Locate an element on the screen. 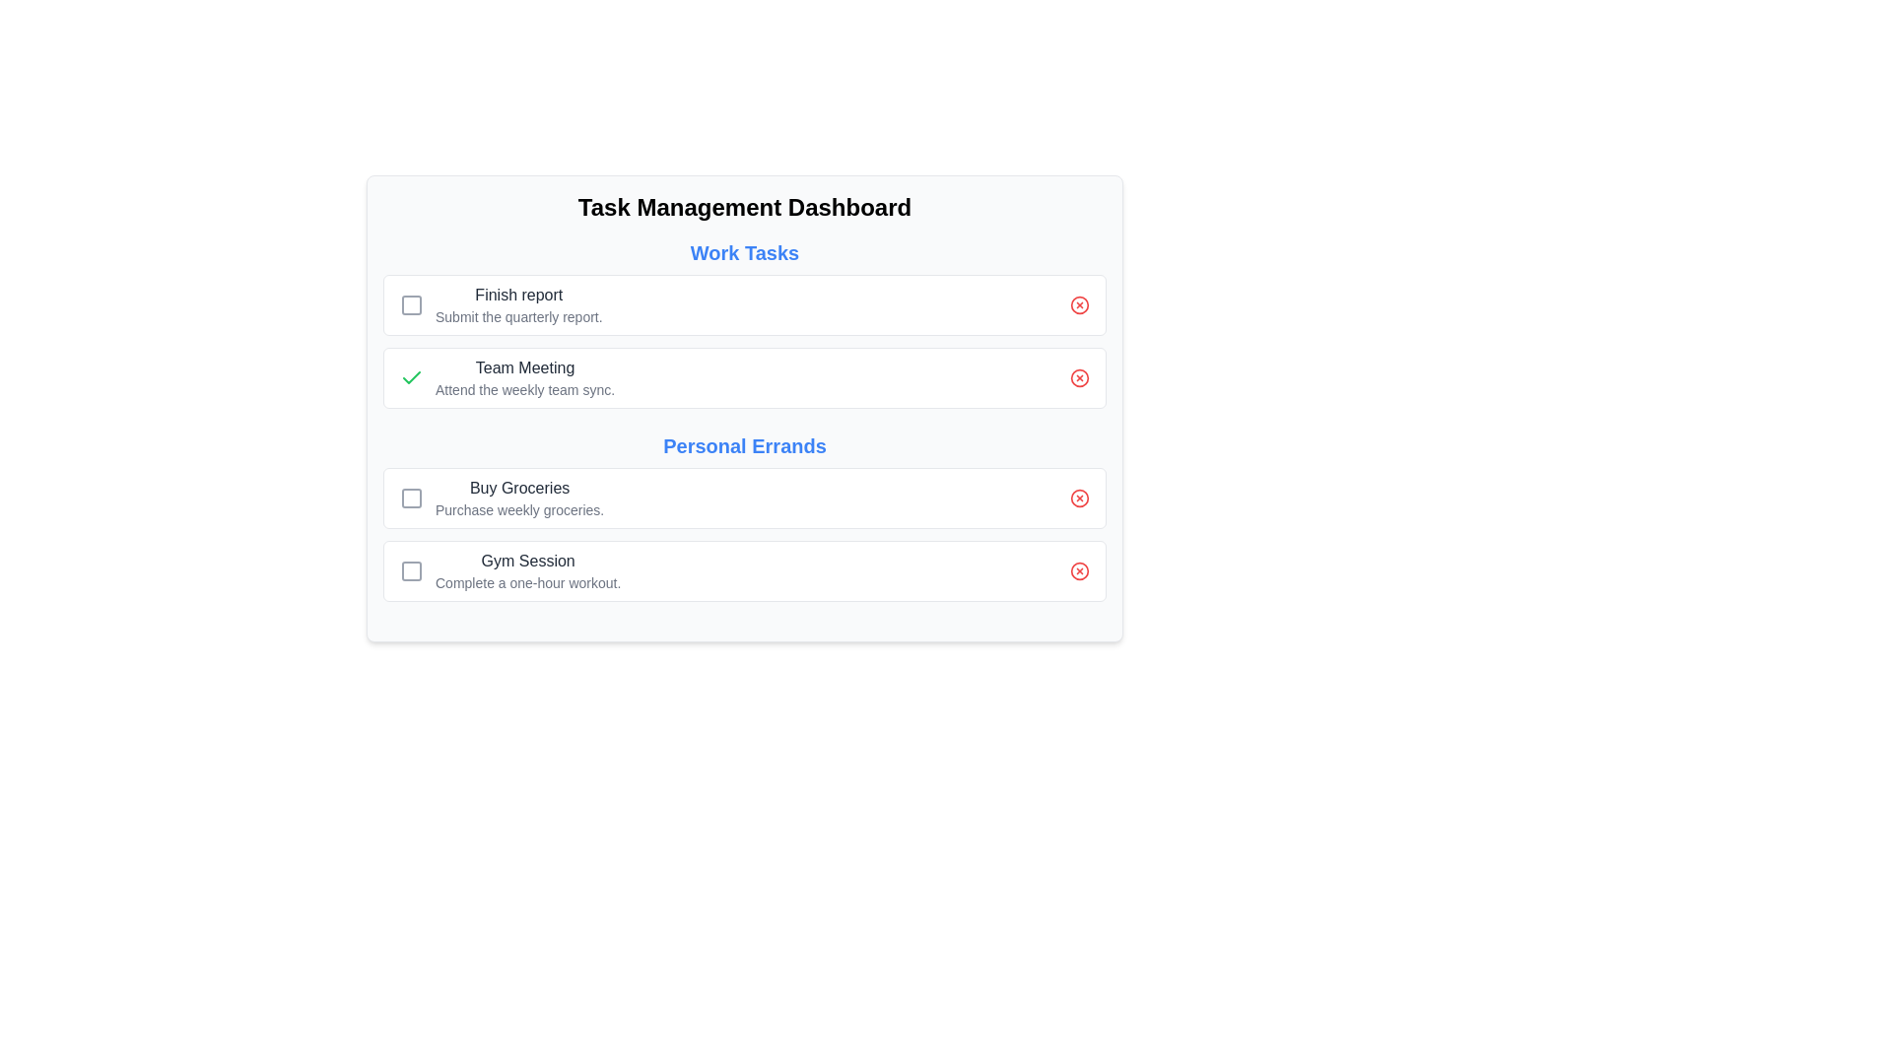 The width and height of the screenshot is (1892, 1064). the task title text label located in the second row of the 'Work Tasks' section is located at coordinates (524, 368).